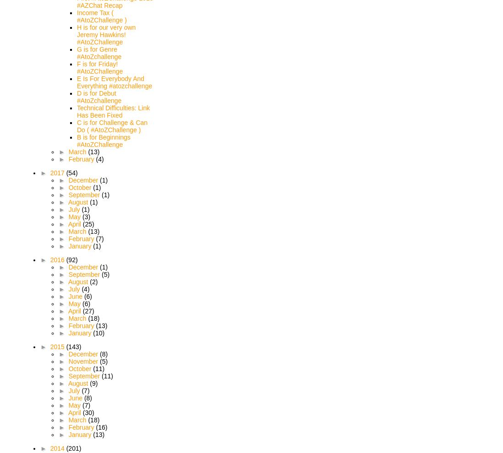  What do you see at coordinates (50, 259) in the screenshot?
I see `'2016'` at bounding box center [50, 259].